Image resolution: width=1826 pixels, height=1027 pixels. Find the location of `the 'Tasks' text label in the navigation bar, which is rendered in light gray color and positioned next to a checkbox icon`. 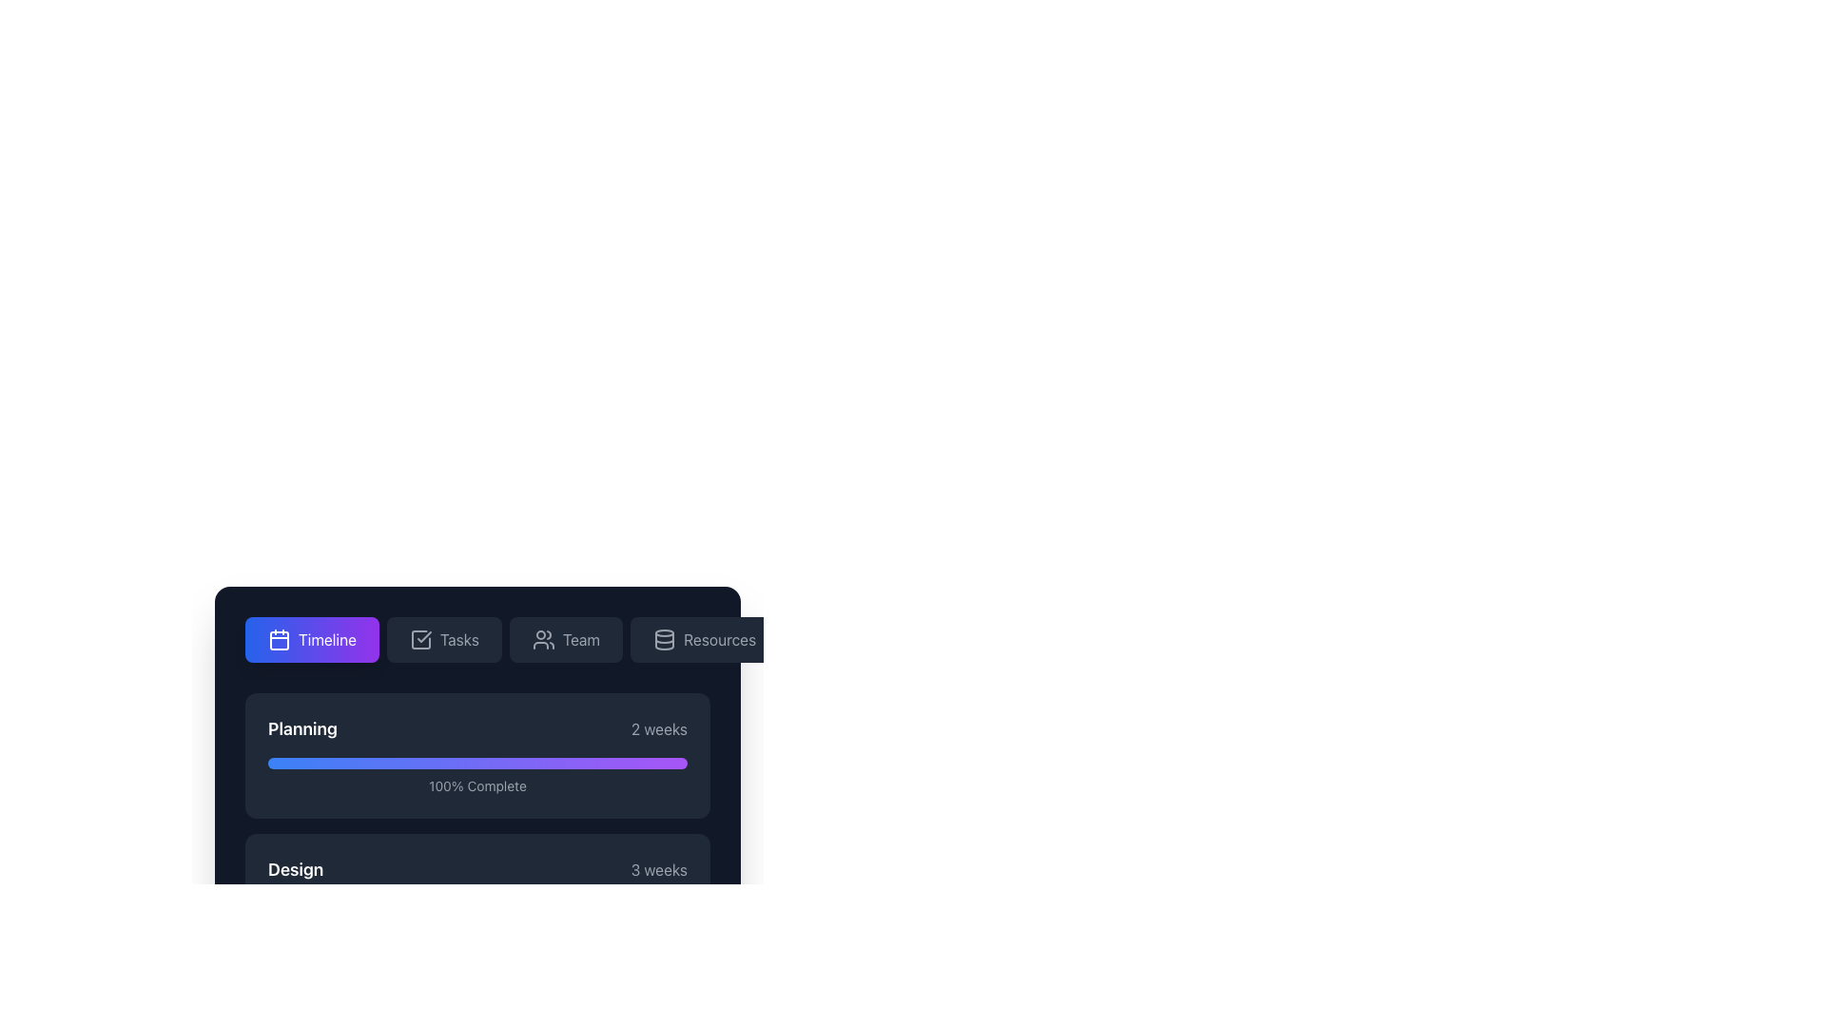

the 'Tasks' text label in the navigation bar, which is rendered in light gray color and positioned next to a checkbox icon is located at coordinates (459, 639).